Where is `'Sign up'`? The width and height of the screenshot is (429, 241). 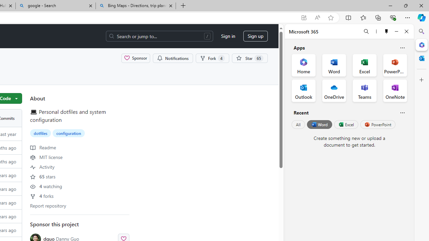 'Sign up' is located at coordinates (255, 36).